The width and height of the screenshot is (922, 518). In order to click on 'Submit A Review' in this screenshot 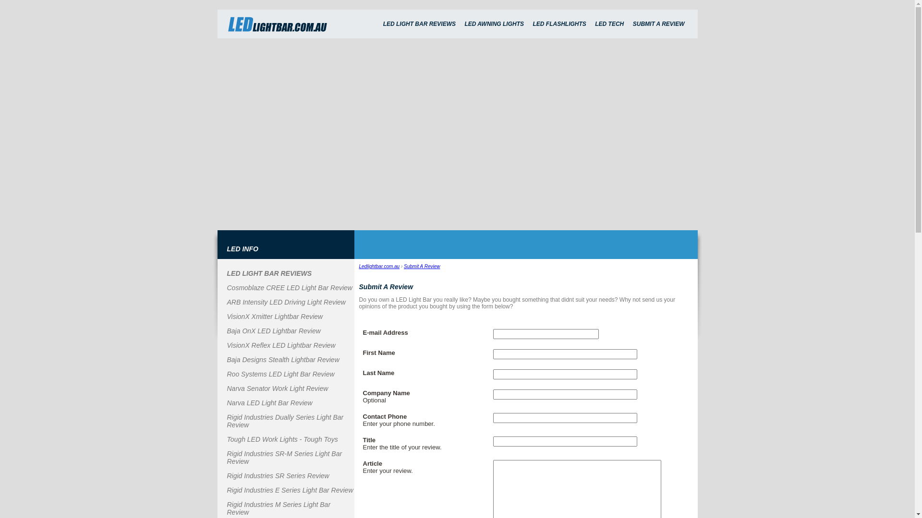, I will do `click(422, 266)`.